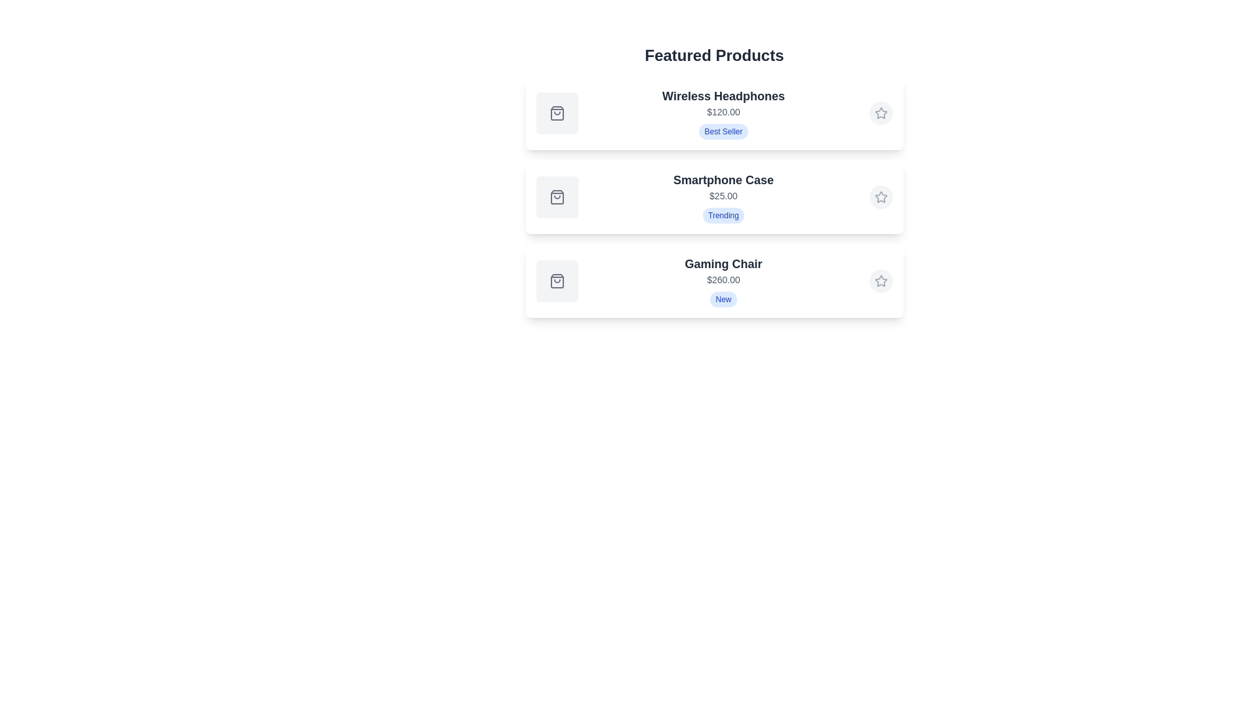  What do you see at coordinates (713, 113) in the screenshot?
I see `the product card for Wireless Headphones` at bounding box center [713, 113].